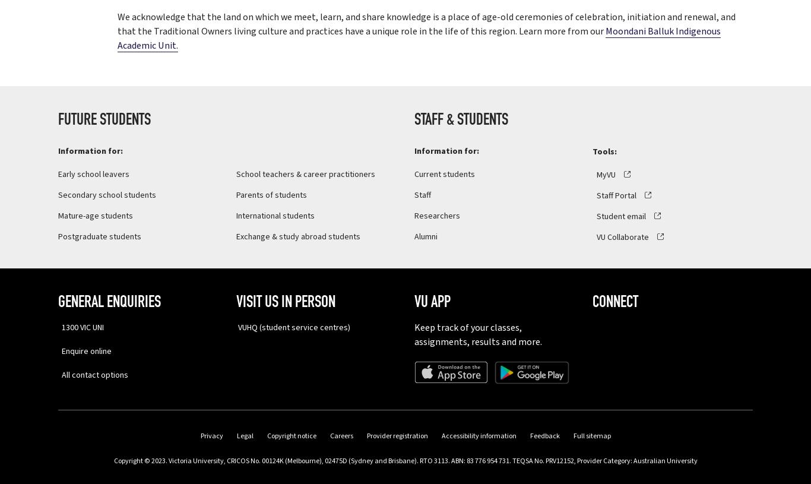 The height and width of the screenshot is (484, 811). What do you see at coordinates (396, 436) in the screenshot?
I see `'Provider registration'` at bounding box center [396, 436].